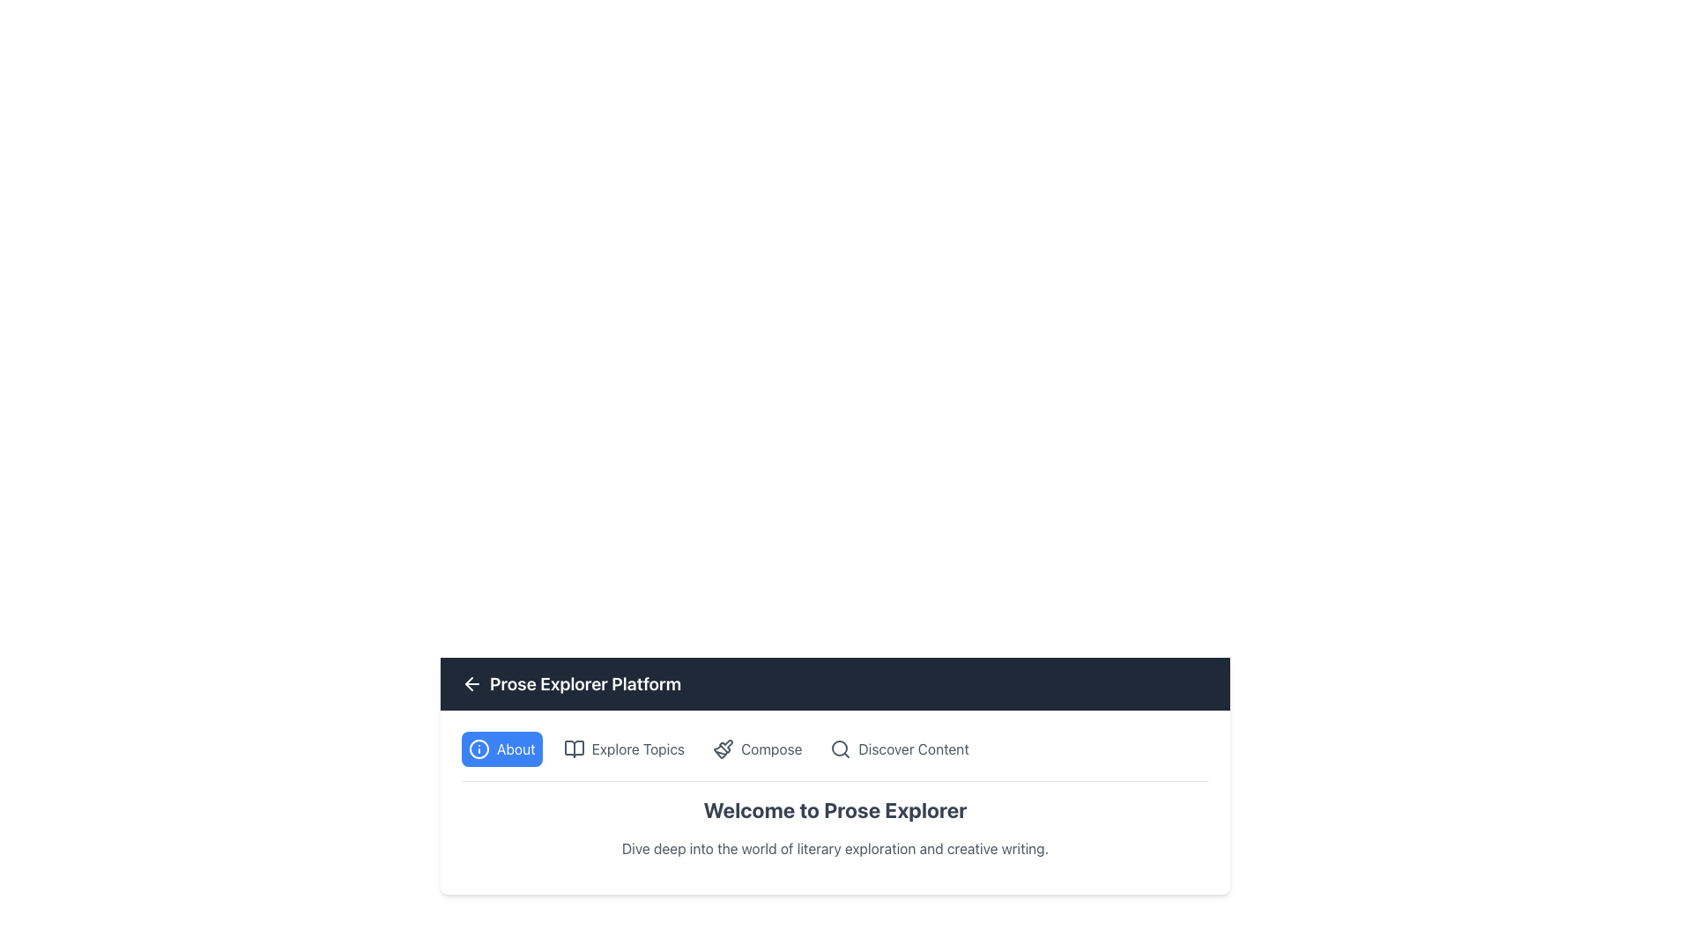 The width and height of the screenshot is (1692, 951). Describe the element at coordinates (585, 682) in the screenshot. I see `the static text label that identifies the platform as 'Prose Explorer Platform', located to the right of the navigation arrow icon in the header bar` at that location.